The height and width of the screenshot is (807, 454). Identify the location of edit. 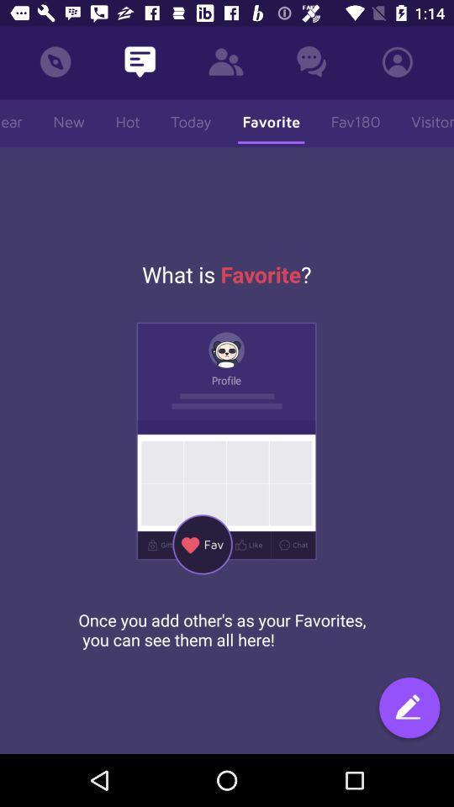
(409, 709).